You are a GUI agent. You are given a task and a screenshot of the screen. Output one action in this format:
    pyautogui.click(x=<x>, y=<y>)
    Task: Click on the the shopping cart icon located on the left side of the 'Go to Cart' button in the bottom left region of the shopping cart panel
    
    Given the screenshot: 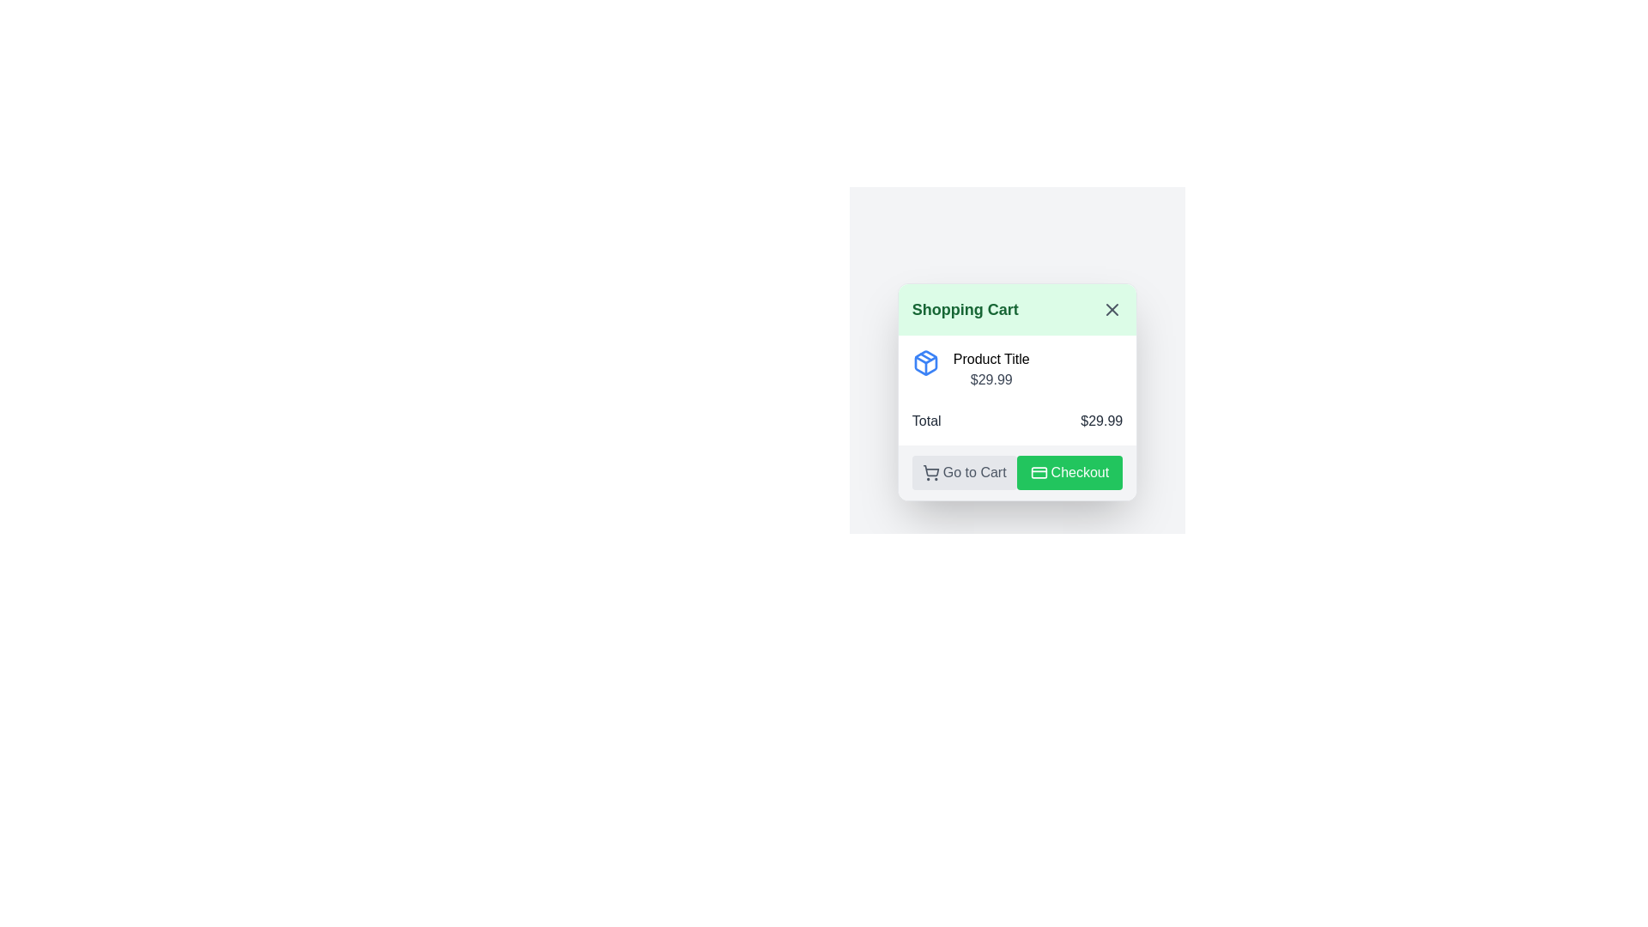 What is the action you would take?
    pyautogui.click(x=930, y=473)
    